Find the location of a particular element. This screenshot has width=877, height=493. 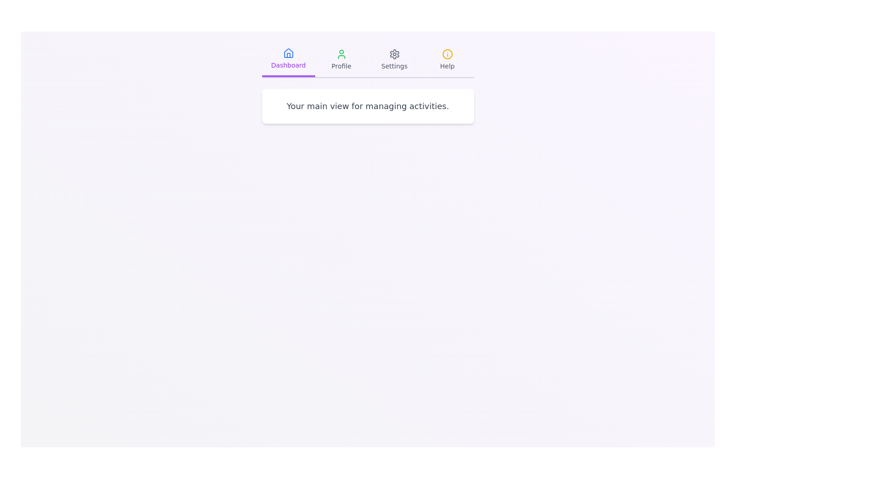

the tab labeled Profile is located at coordinates (341, 60).